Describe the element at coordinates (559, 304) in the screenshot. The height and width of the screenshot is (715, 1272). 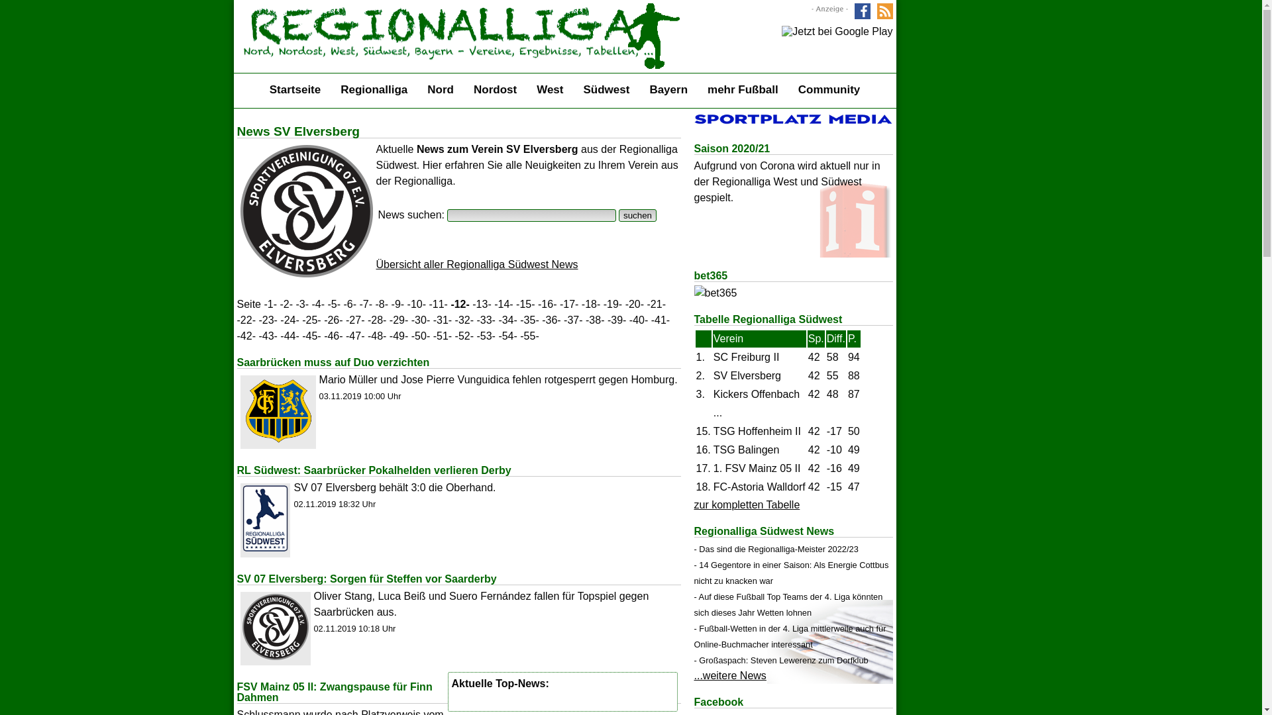
I see `'-17-'` at that location.